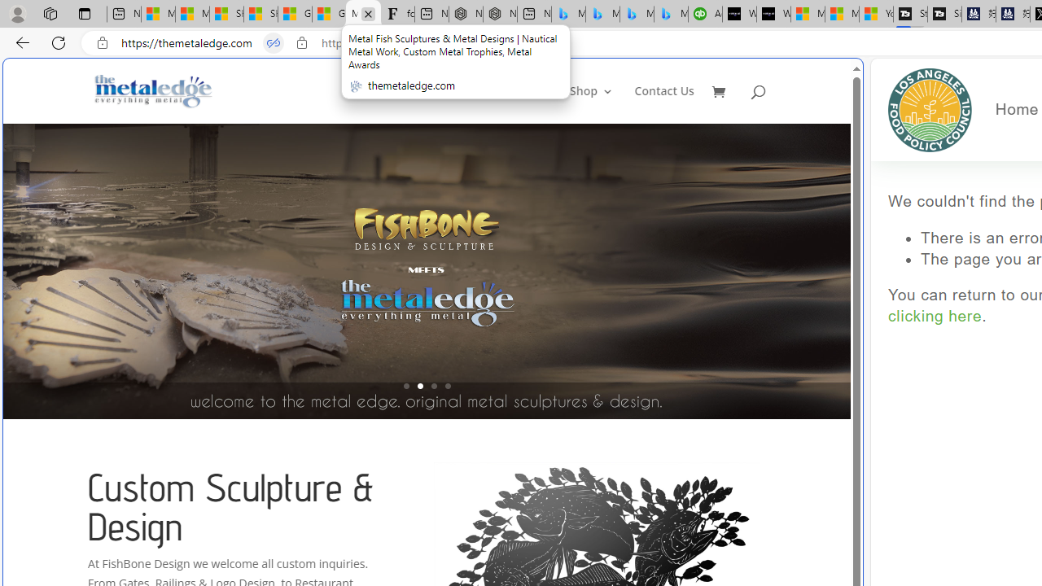 This screenshot has width=1042, height=586. Describe the element at coordinates (50, 13) in the screenshot. I see `'Workspaces'` at that location.